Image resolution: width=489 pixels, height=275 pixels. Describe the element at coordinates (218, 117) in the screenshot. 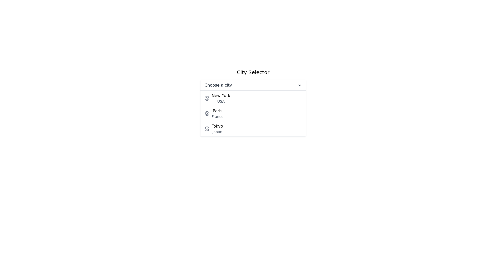

I see `the text label that displays 'France', which is the second item in the dropdown list under the 'City Selector' module, located beneath 'Paris'` at that location.